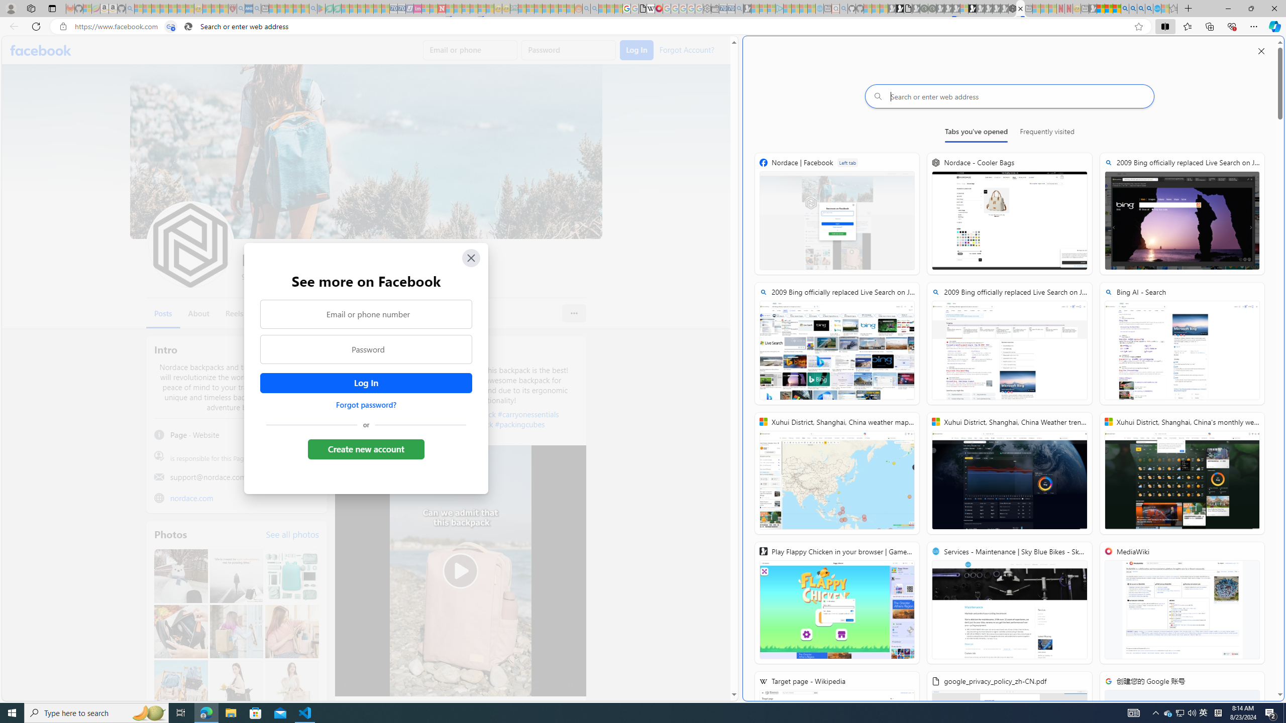  What do you see at coordinates (899, 8) in the screenshot?
I see `'Play Zoo Boom in your browser | Games from Microsoft Start'` at bounding box center [899, 8].